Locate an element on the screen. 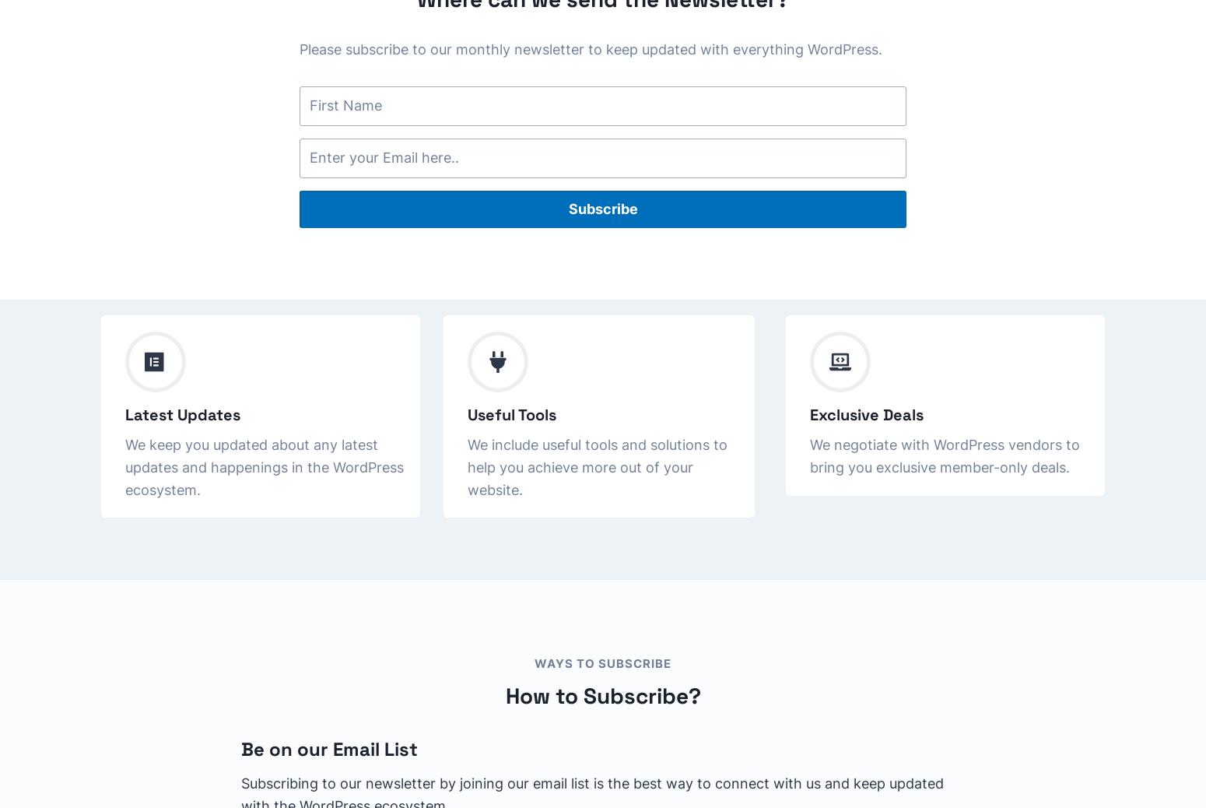 The width and height of the screenshot is (1206, 808). 'We include useful tools and solutions to help you achieve more out of your website.' is located at coordinates (598, 465).